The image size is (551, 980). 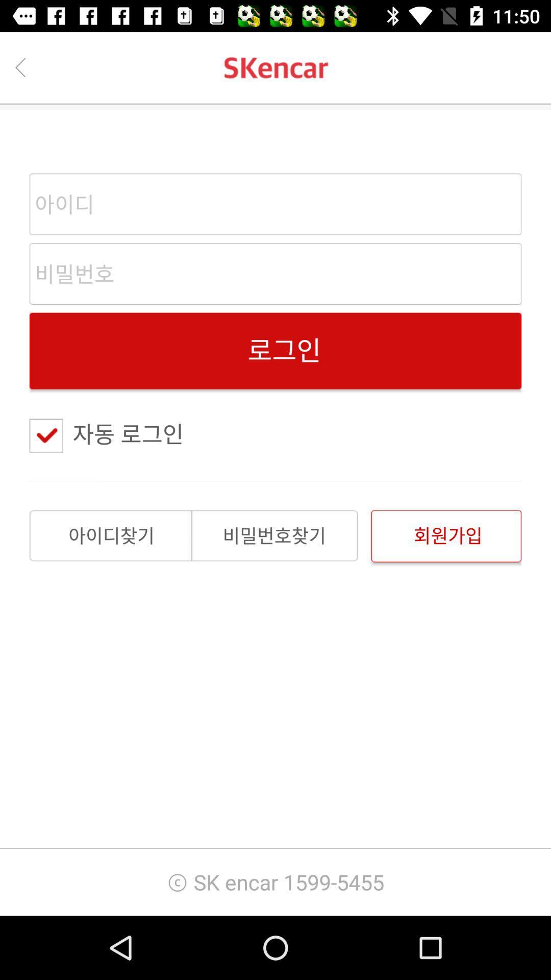 I want to click on the item above sk encar 1599 item, so click(x=274, y=535).